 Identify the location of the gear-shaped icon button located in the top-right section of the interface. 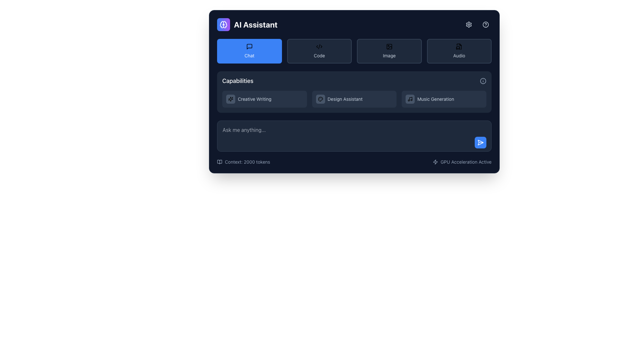
(469, 24).